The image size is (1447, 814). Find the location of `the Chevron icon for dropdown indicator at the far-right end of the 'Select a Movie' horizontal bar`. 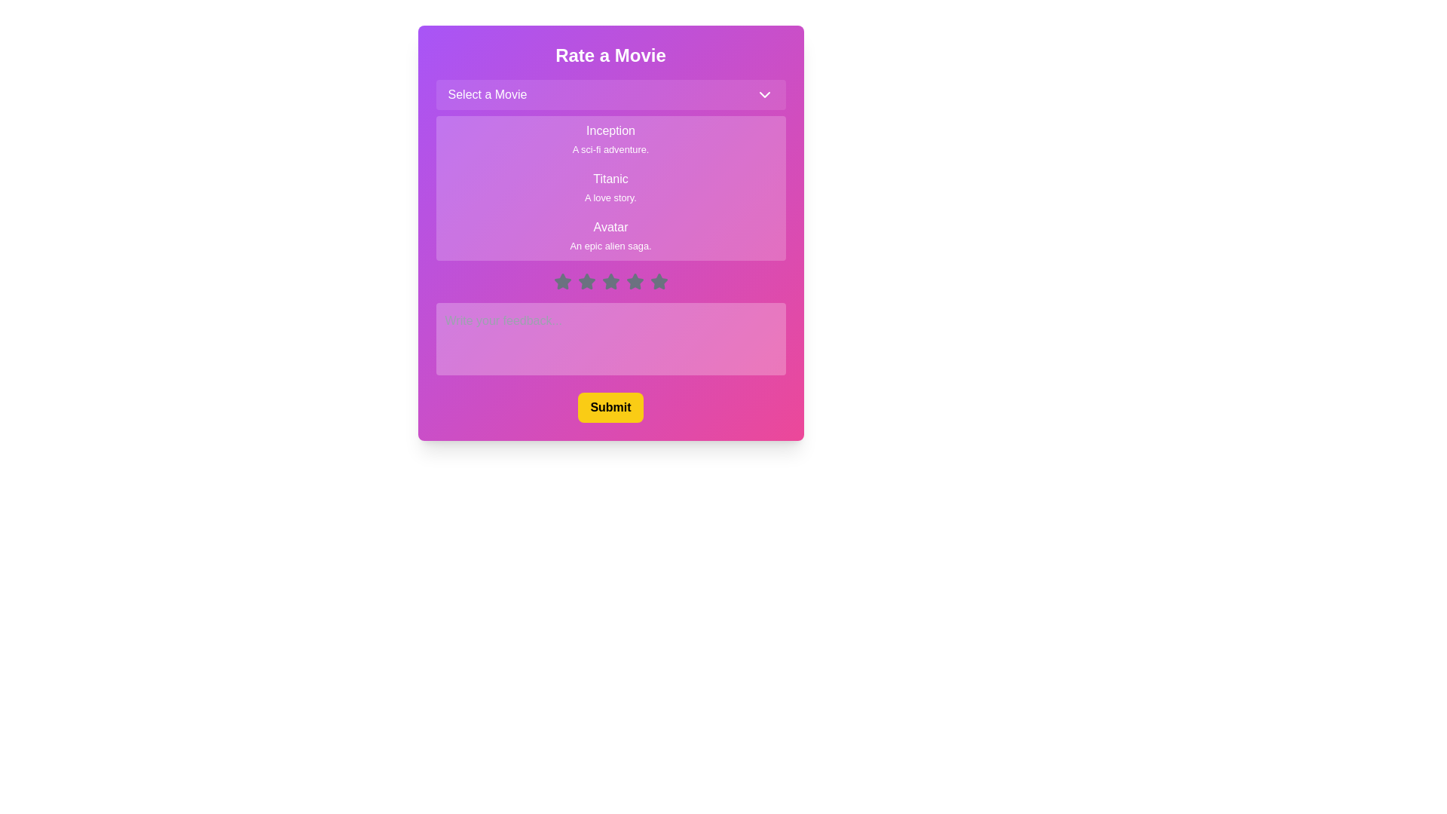

the Chevron icon for dropdown indicator at the far-right end of the 'Select a Movie' horizontal bar is located at coordinates (764, 95).